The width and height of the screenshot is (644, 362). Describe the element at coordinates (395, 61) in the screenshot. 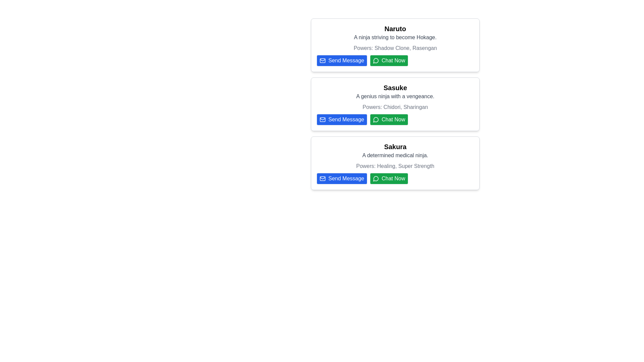

I see `the 'Naruto' chat initiation button located to the right of the 'Send Message' button in the bottom row of interactive buttons` at that location.